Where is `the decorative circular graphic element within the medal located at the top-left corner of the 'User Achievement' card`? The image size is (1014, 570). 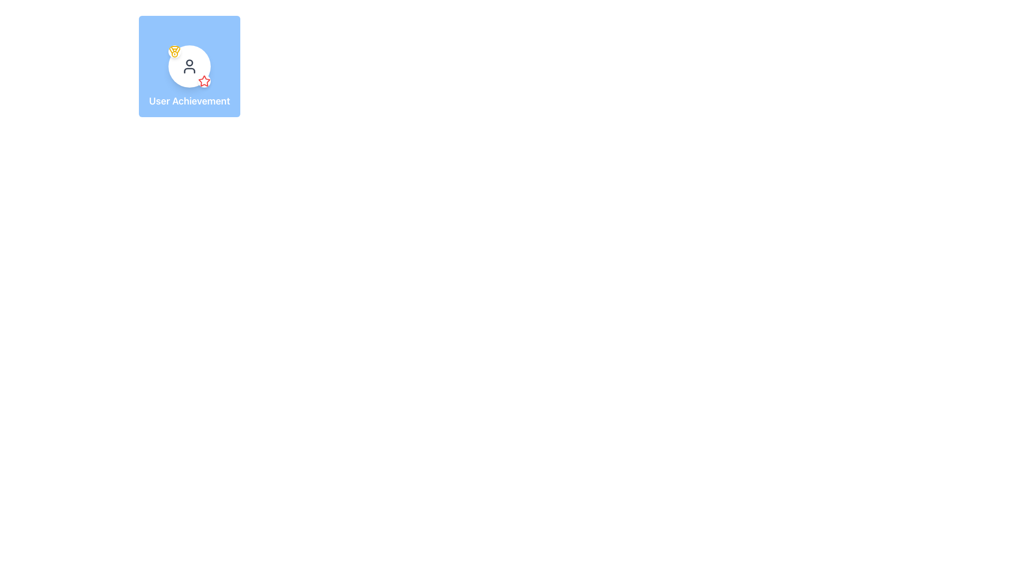
the decorative circular graphic element within the medal located at the top-left corner of the 'User Achievement' card is located at coordinates (175, 54).